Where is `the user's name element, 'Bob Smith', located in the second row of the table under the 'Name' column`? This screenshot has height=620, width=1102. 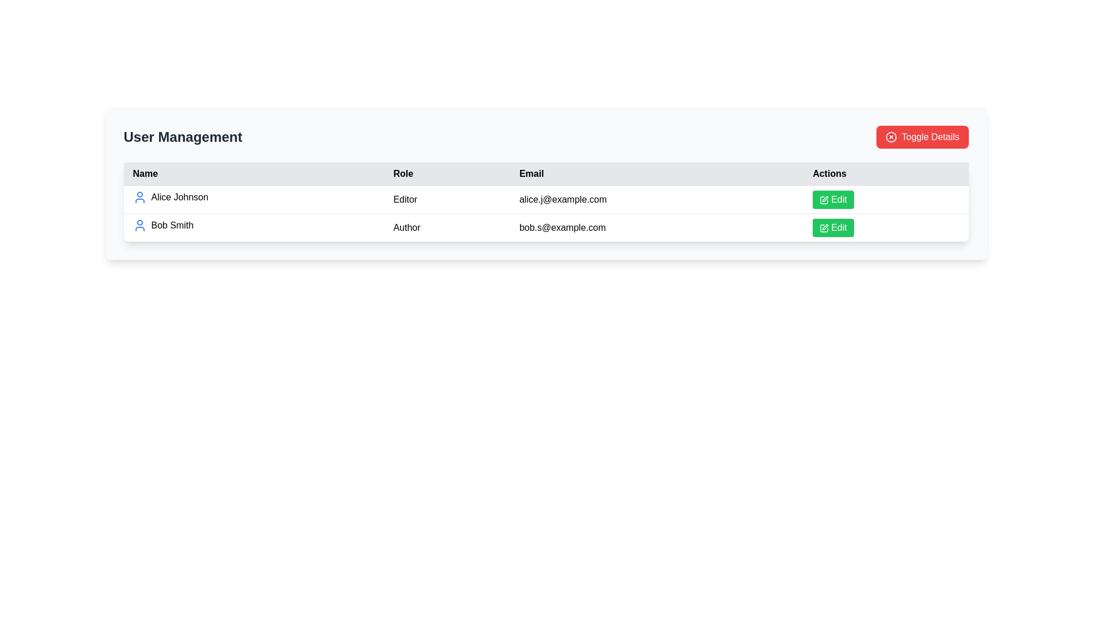
the user's name element, 'Bob Smith', located in the second row of the table under the 'Name' column is located at coordinates (253, 226).